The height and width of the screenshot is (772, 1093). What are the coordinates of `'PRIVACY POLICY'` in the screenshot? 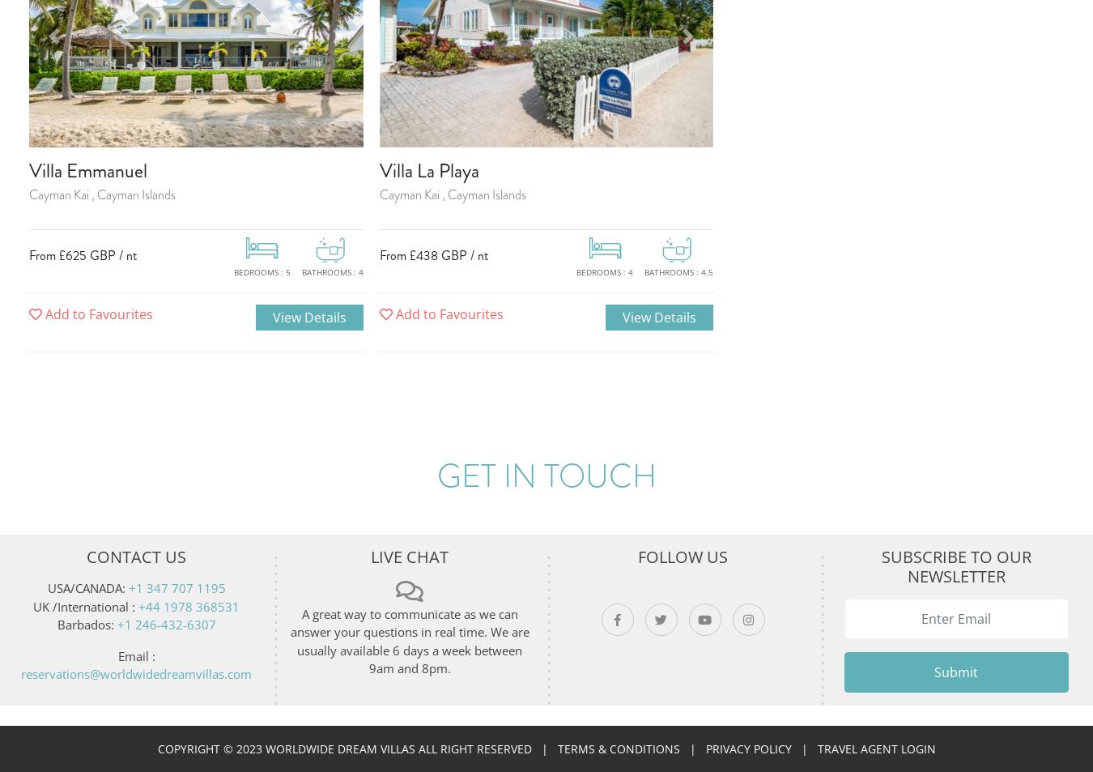 It's located at (705, 749).